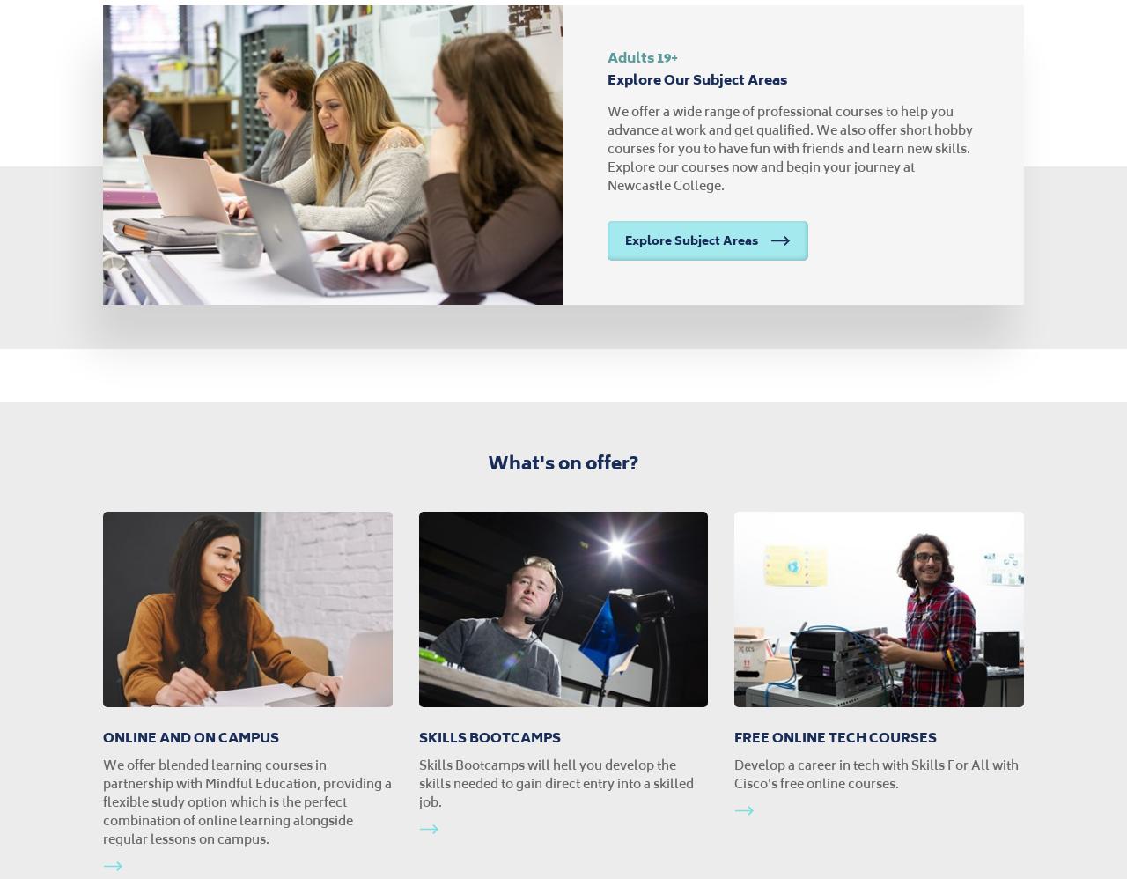 This screenshot has width=1127, height=879. I want to click on 'We offer blended learning courses in partnership with Mindful Education, providing a flexible study option which is the perfect combination of online learning alongside regular lessons on campus.', so click(101, 801).